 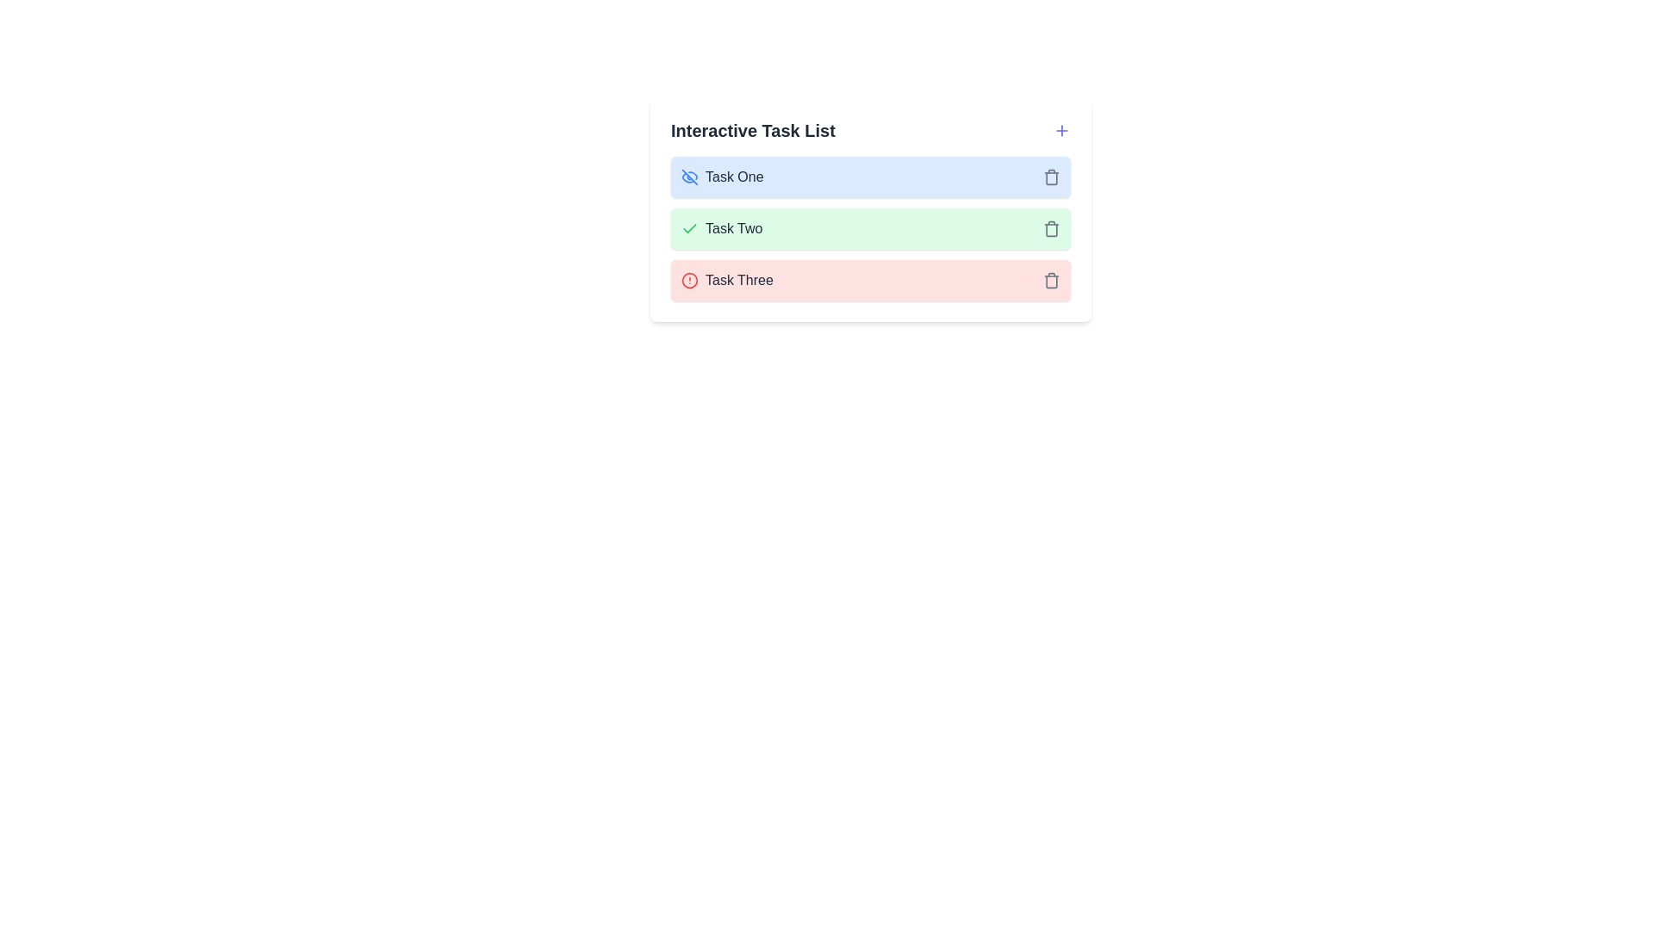 I want to click on the gray trash bin icon button located to the far right of the task labeled 'Task Three', so click(x=1050, y=280).